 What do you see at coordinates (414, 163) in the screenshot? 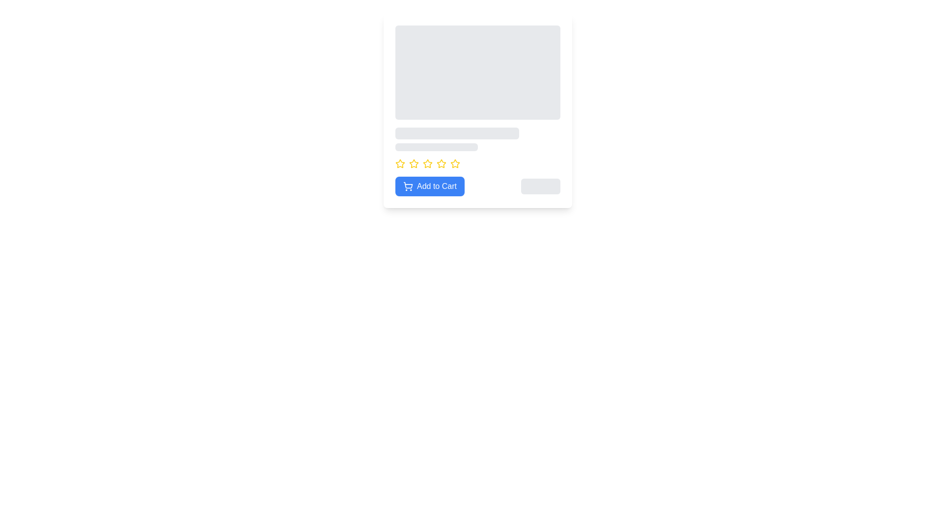
I see `the first star icon for rating preview located below the text block in the card layout` at bounding box center [414, 163].